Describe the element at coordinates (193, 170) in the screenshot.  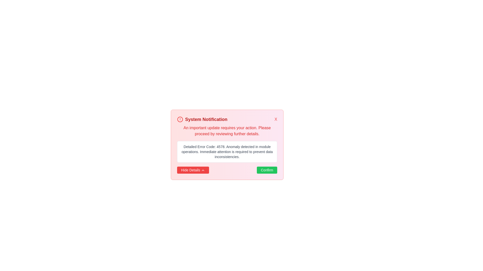
I see `the 'Hide Details' button to toggle the visibility of additional information` at that location.